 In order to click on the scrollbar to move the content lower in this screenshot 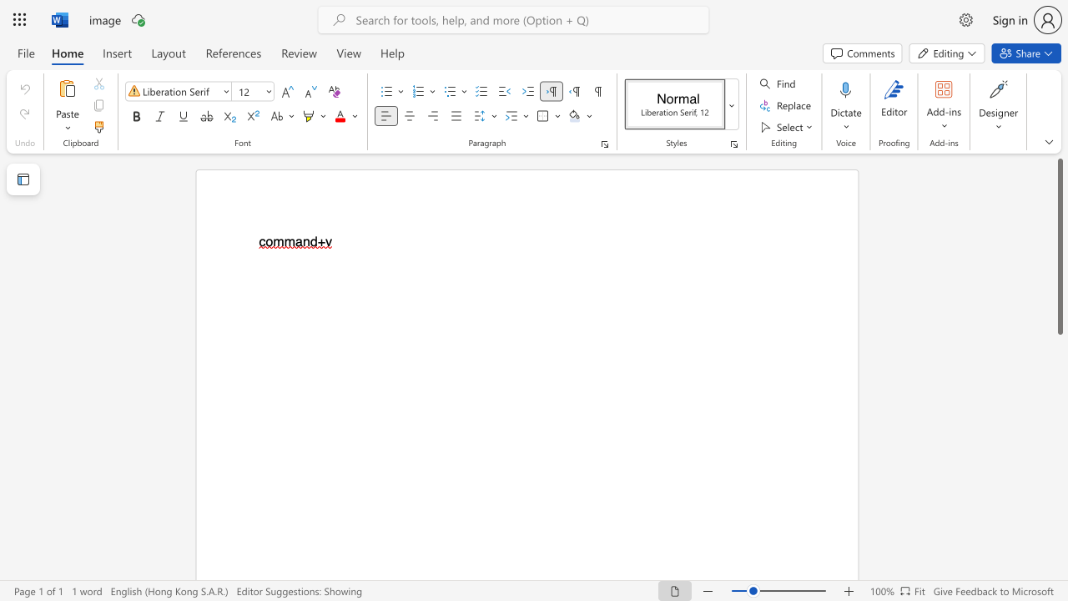, I will do `click(1059, 476)`.